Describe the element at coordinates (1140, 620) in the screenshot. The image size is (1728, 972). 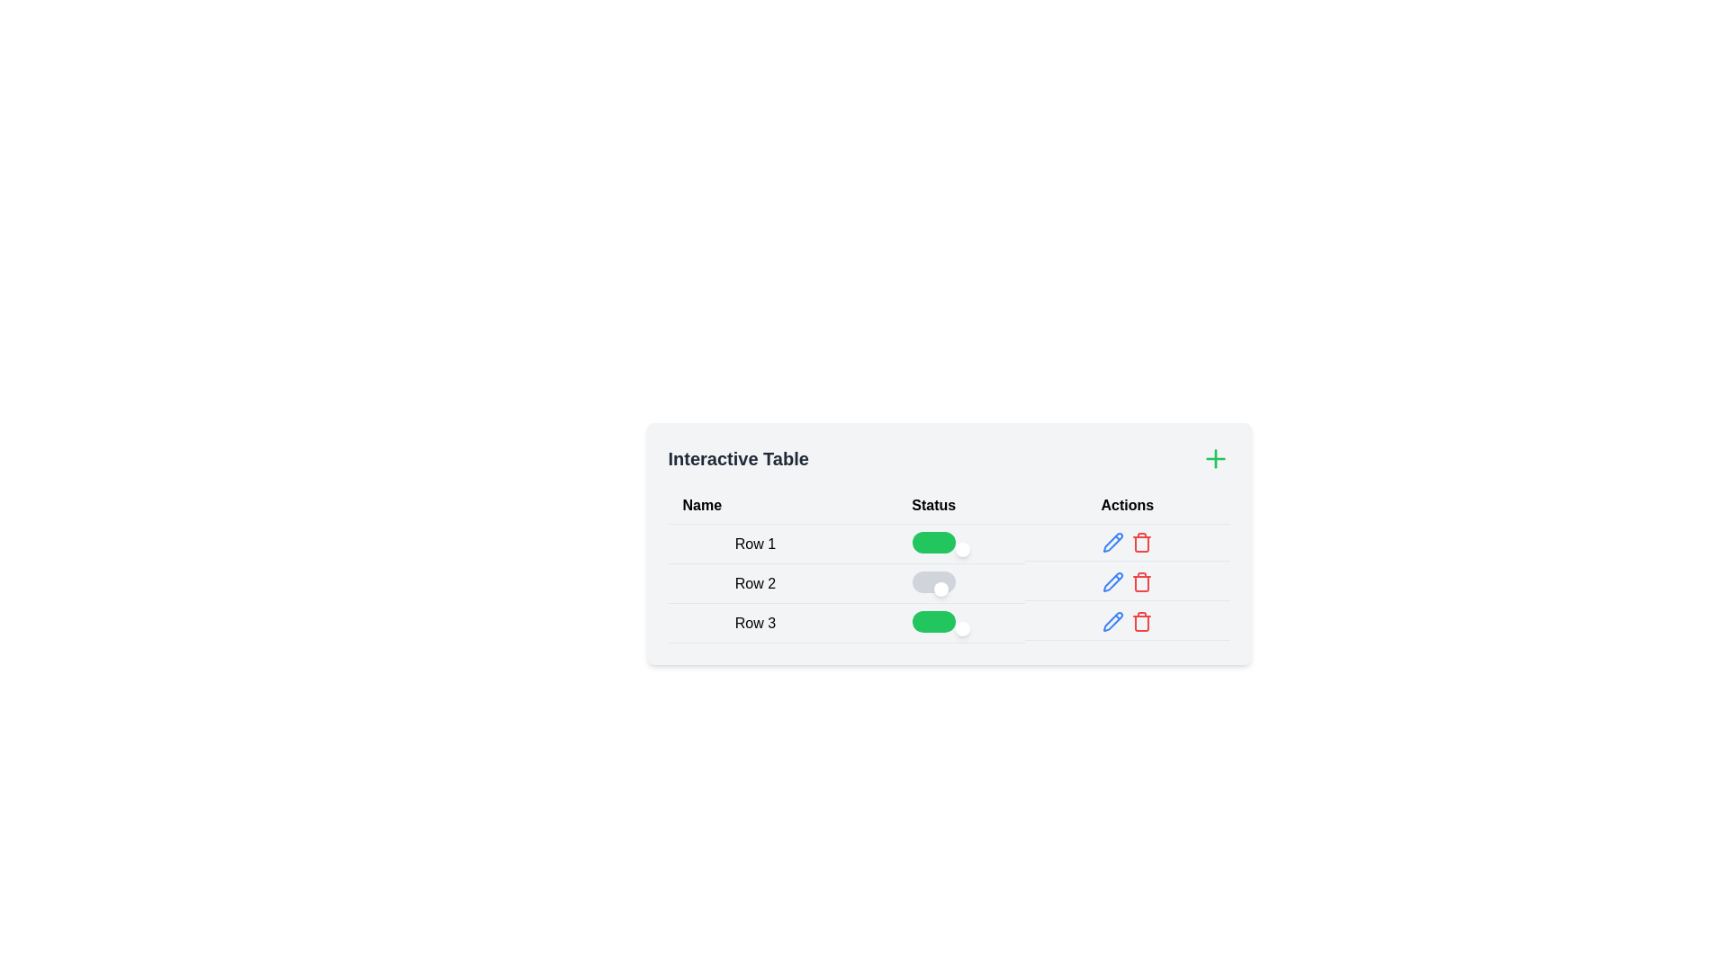
I see `the red trash bin icon button located in the 'Actions' column of the third row to possibly reveal additional information` at that location.